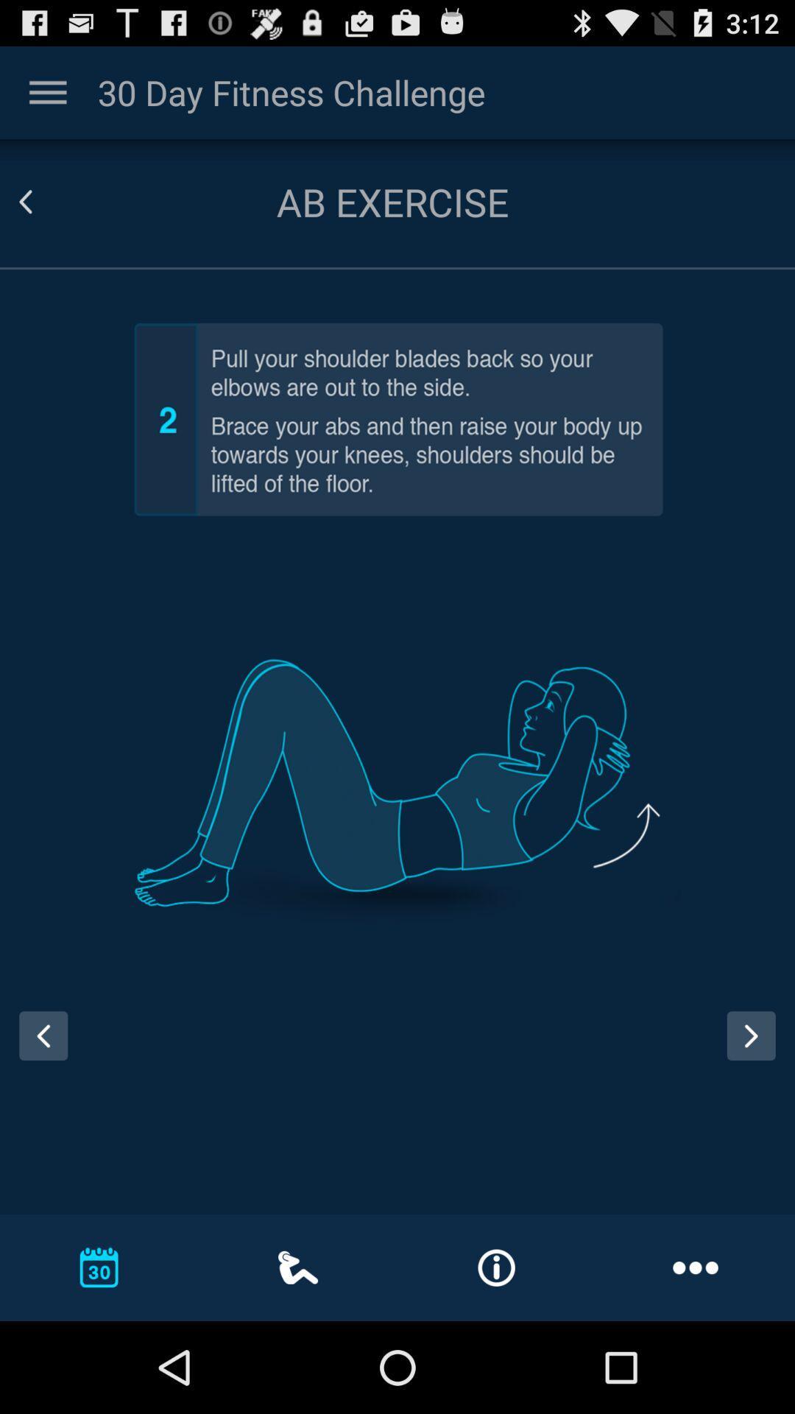  Describe the element at coordinates (751, 1035) in the screenshot. I see `move onto next exercise instruction` at that location.